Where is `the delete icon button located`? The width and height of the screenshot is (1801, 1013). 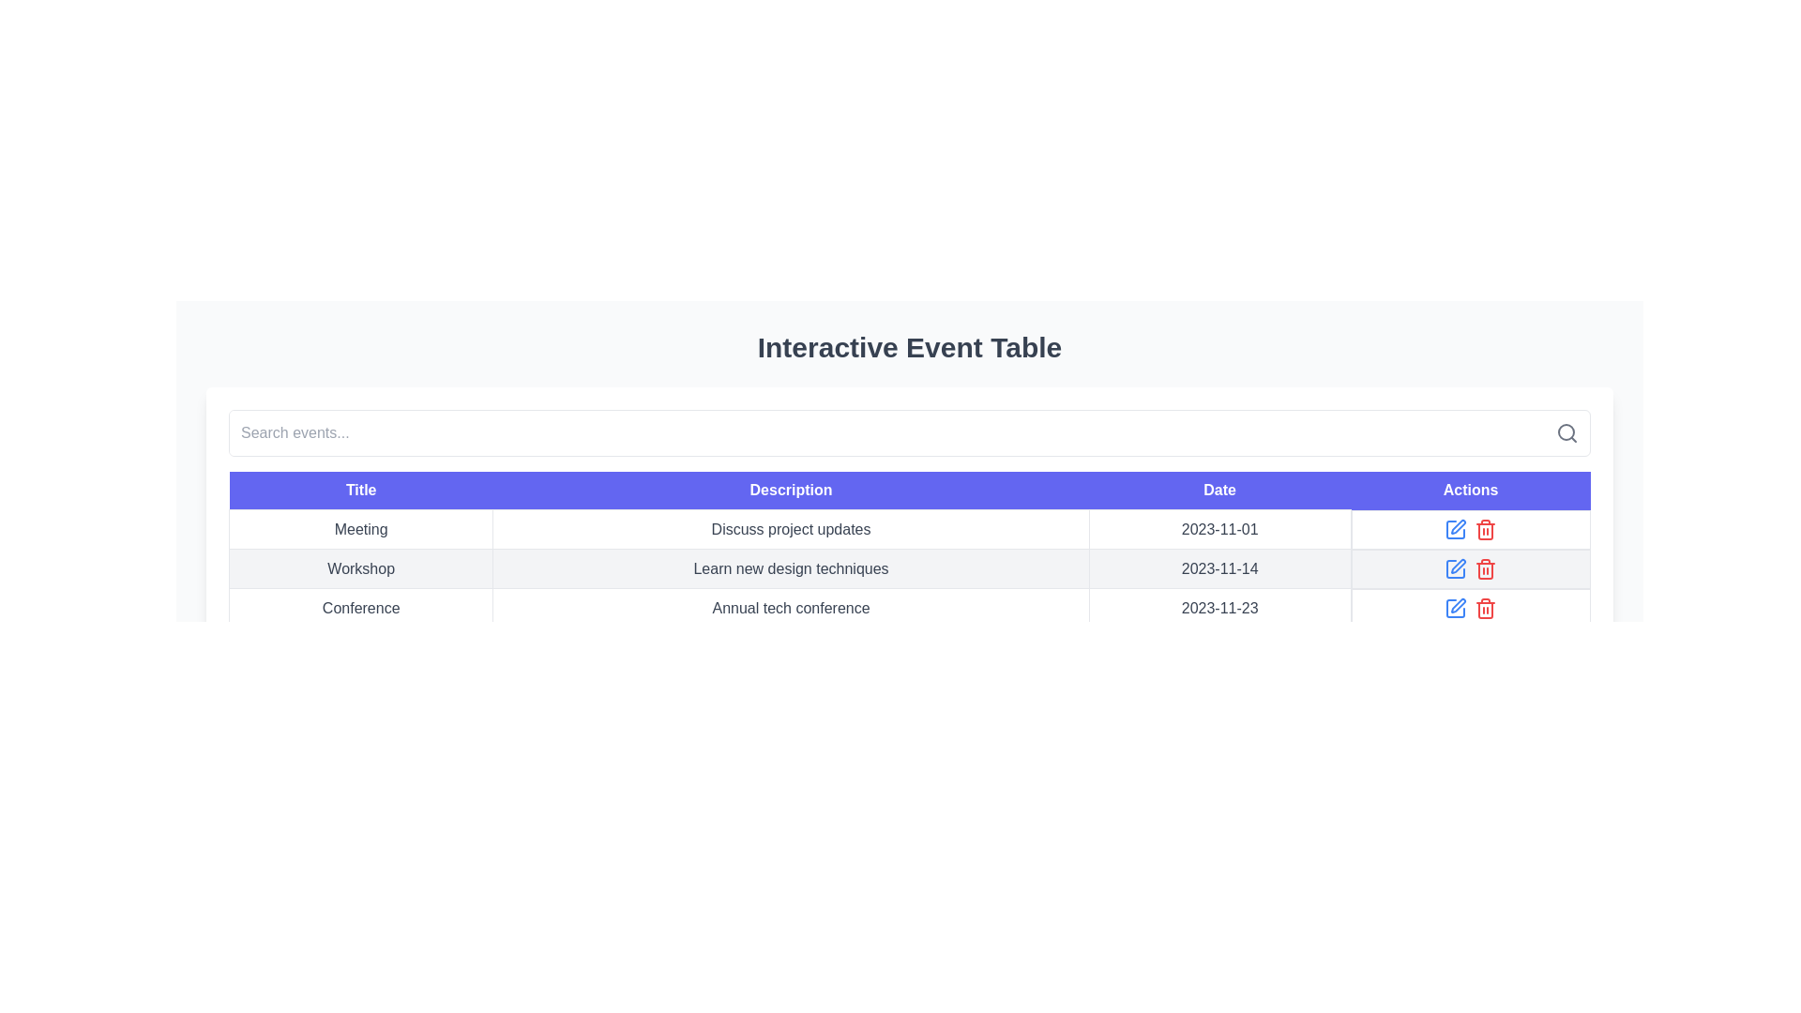 the delete icon button located is located at coordinates (1485, 608).